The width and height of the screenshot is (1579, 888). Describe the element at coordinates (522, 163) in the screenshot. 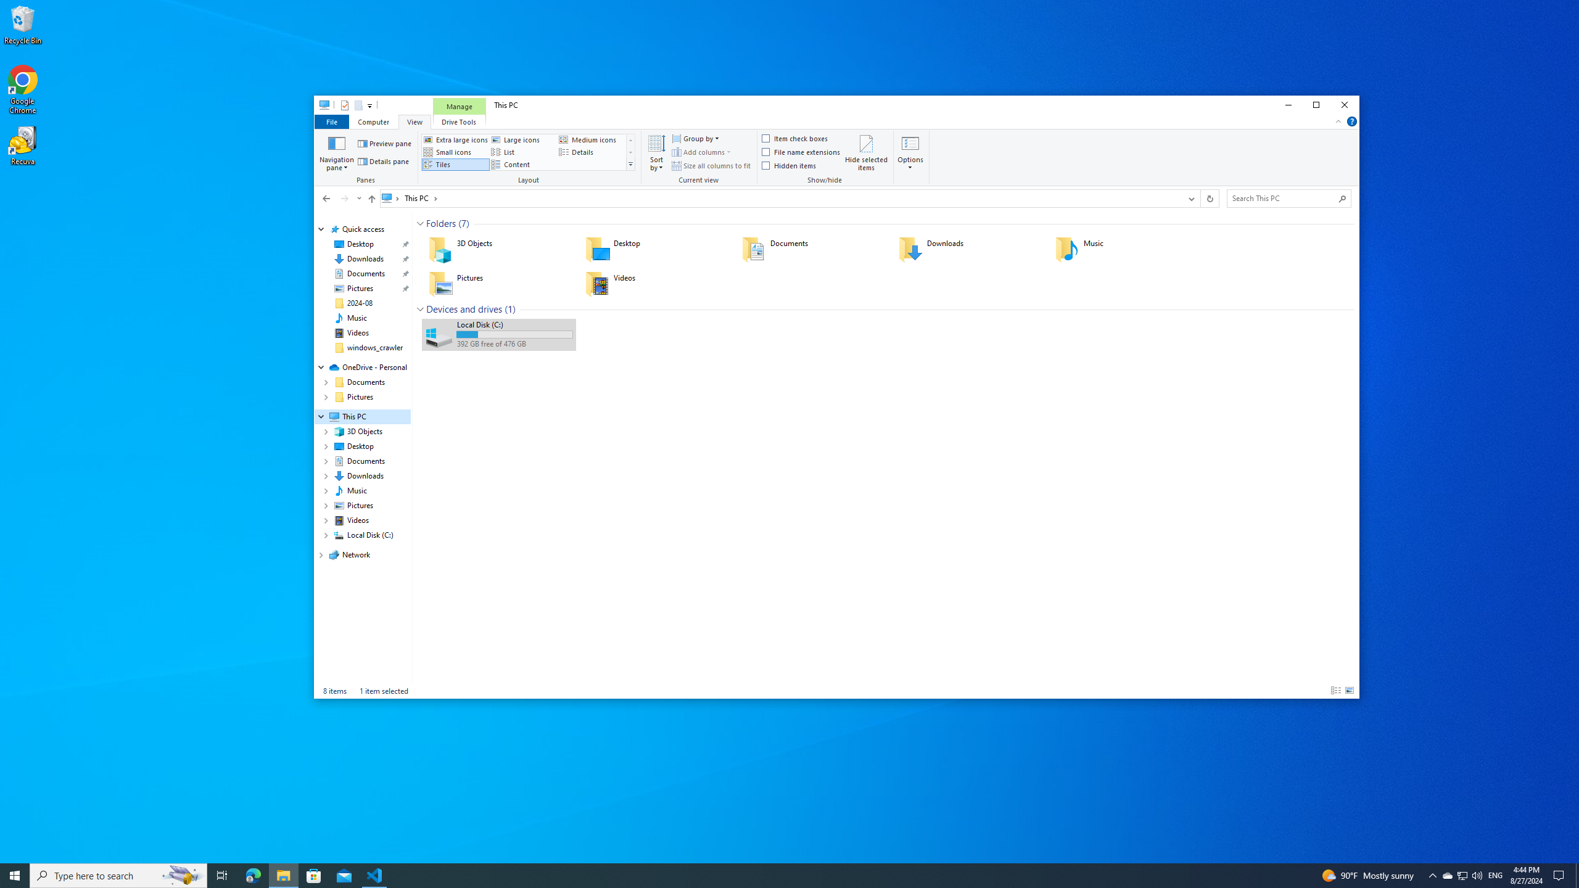

I see `'Content'` at that location.